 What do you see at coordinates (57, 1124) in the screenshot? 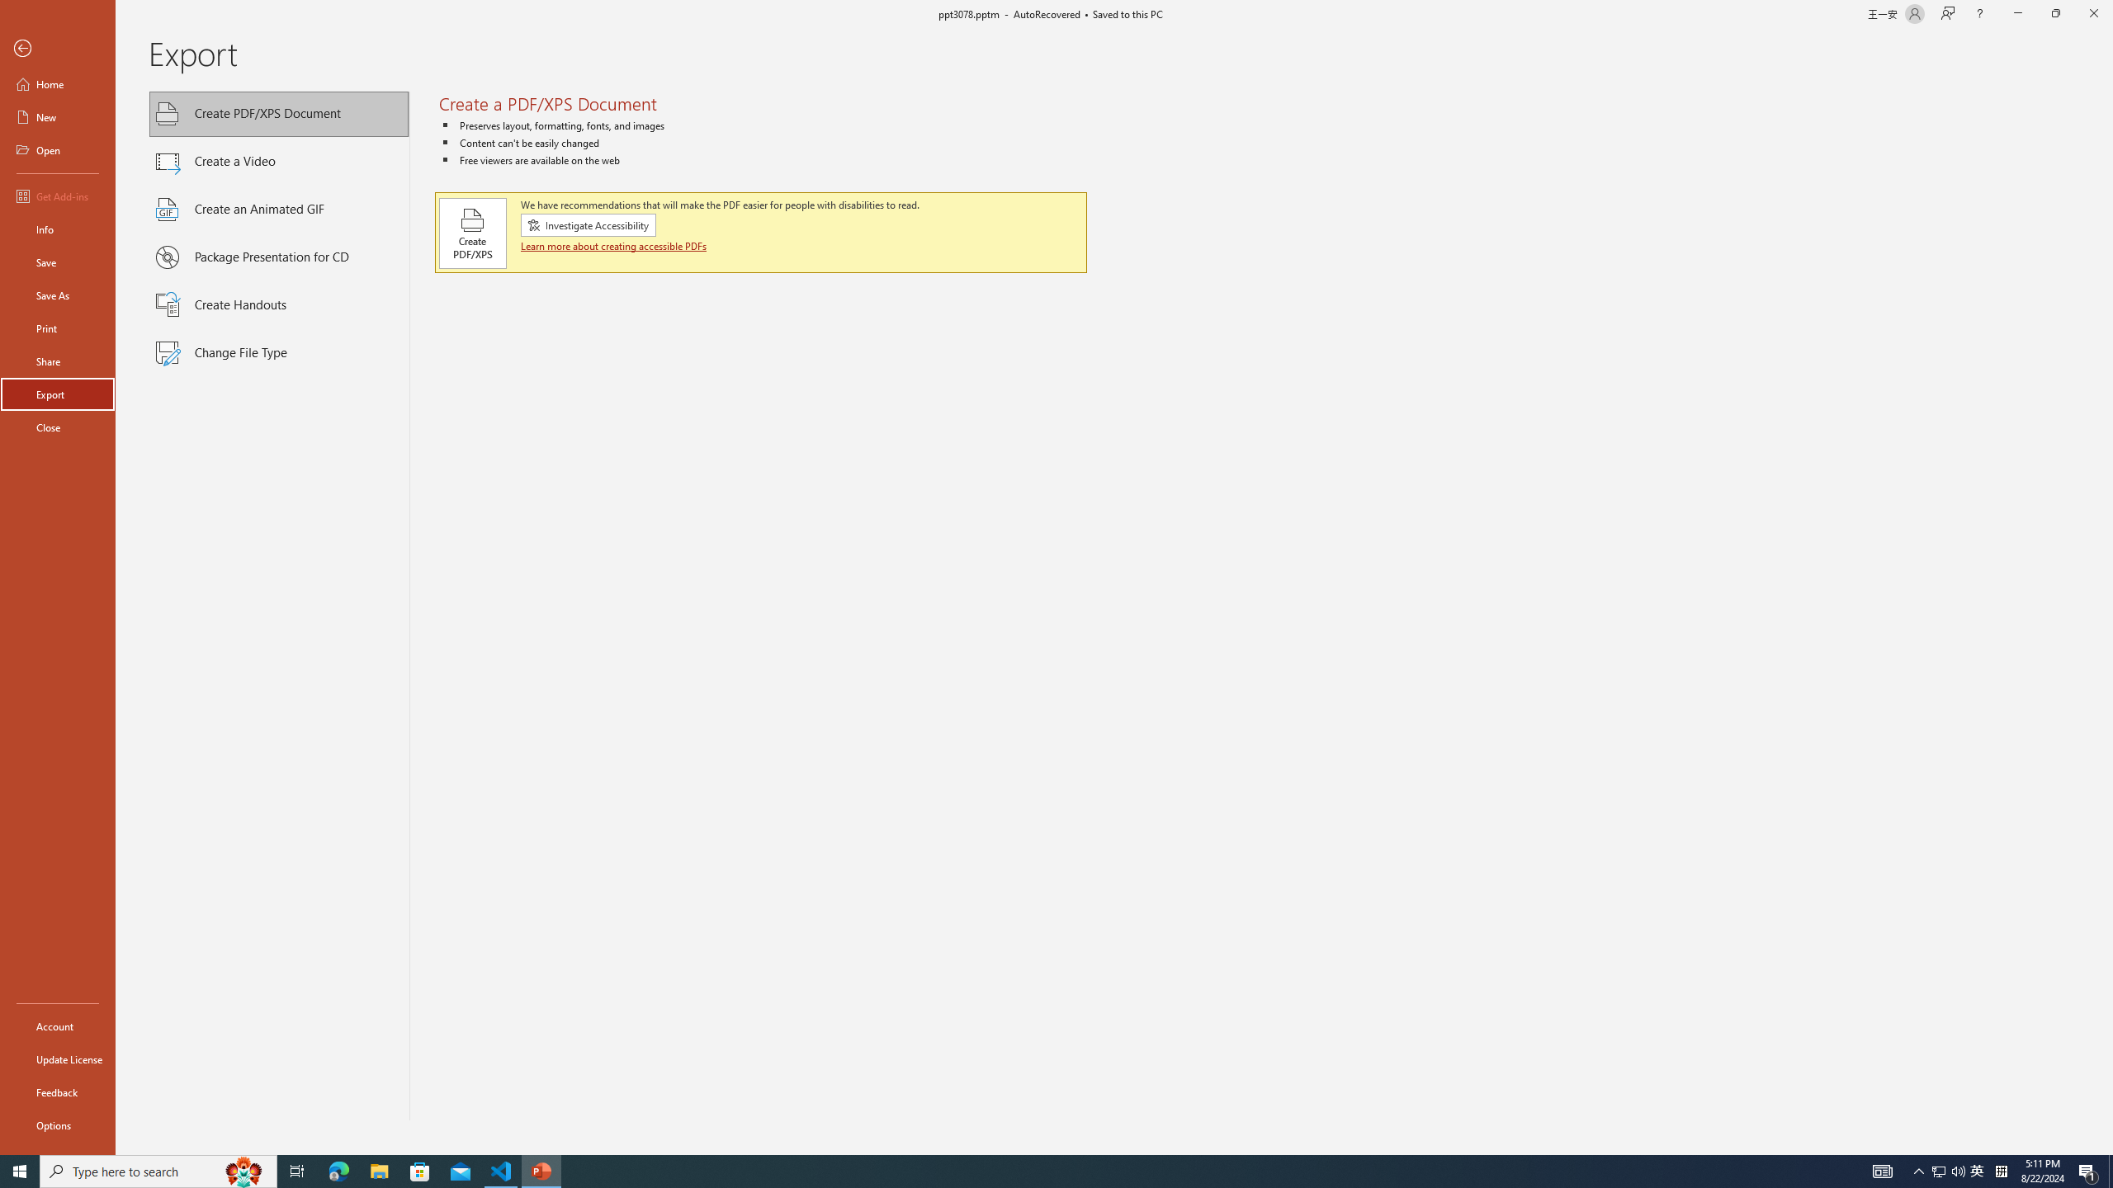
I see `'Options'` at bounding box center [57, 1124].